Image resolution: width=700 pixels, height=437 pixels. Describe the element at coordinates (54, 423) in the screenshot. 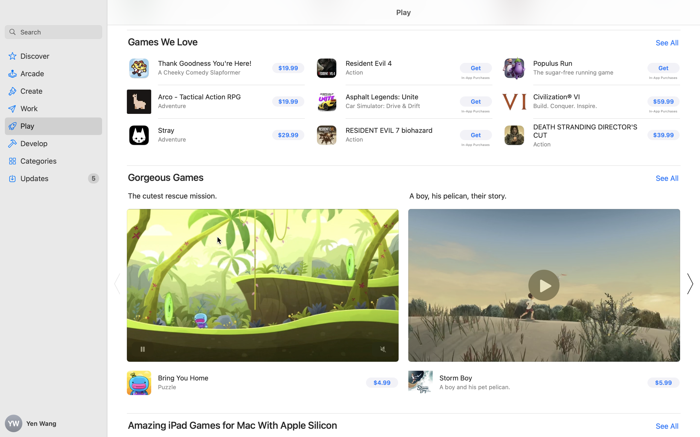

I see `'Yen Wang'` at that location.